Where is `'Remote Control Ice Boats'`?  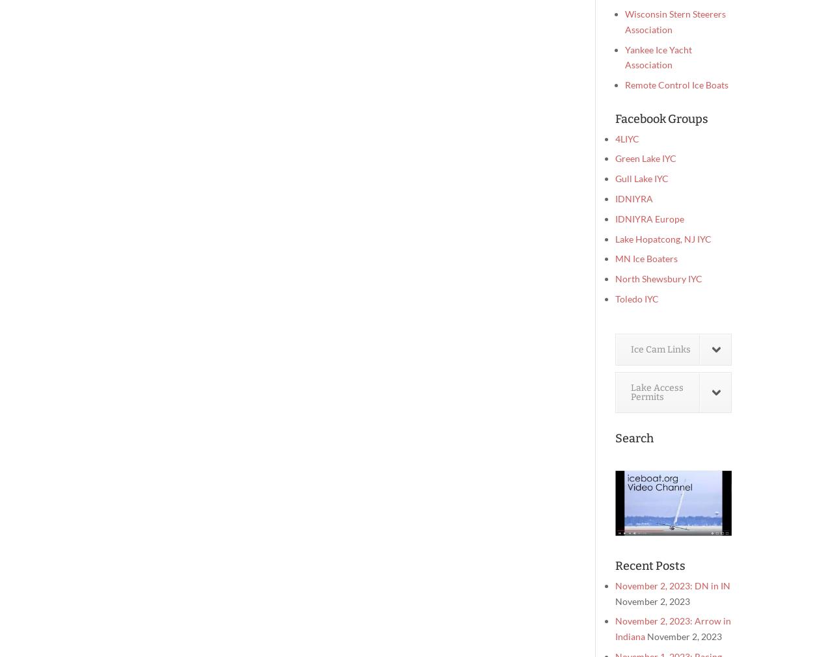
'Remote Control Ice Boats' is located at coordinates (676, 84).